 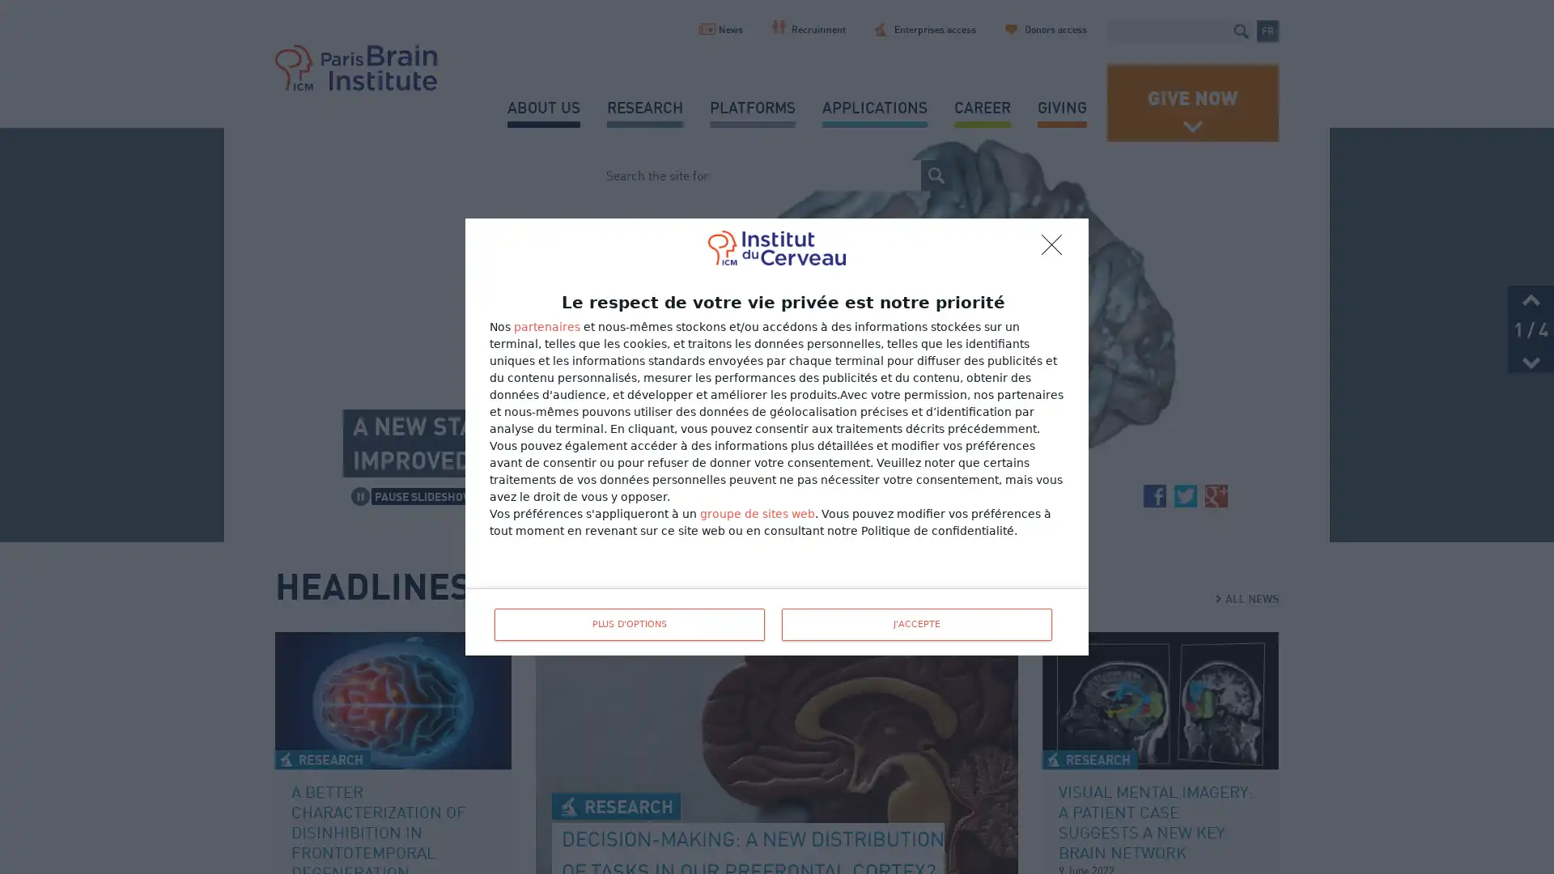 What do you see at coordinates (547, 327) in the screenshot?
I see `partenaires` at bounding box center [547, 327].